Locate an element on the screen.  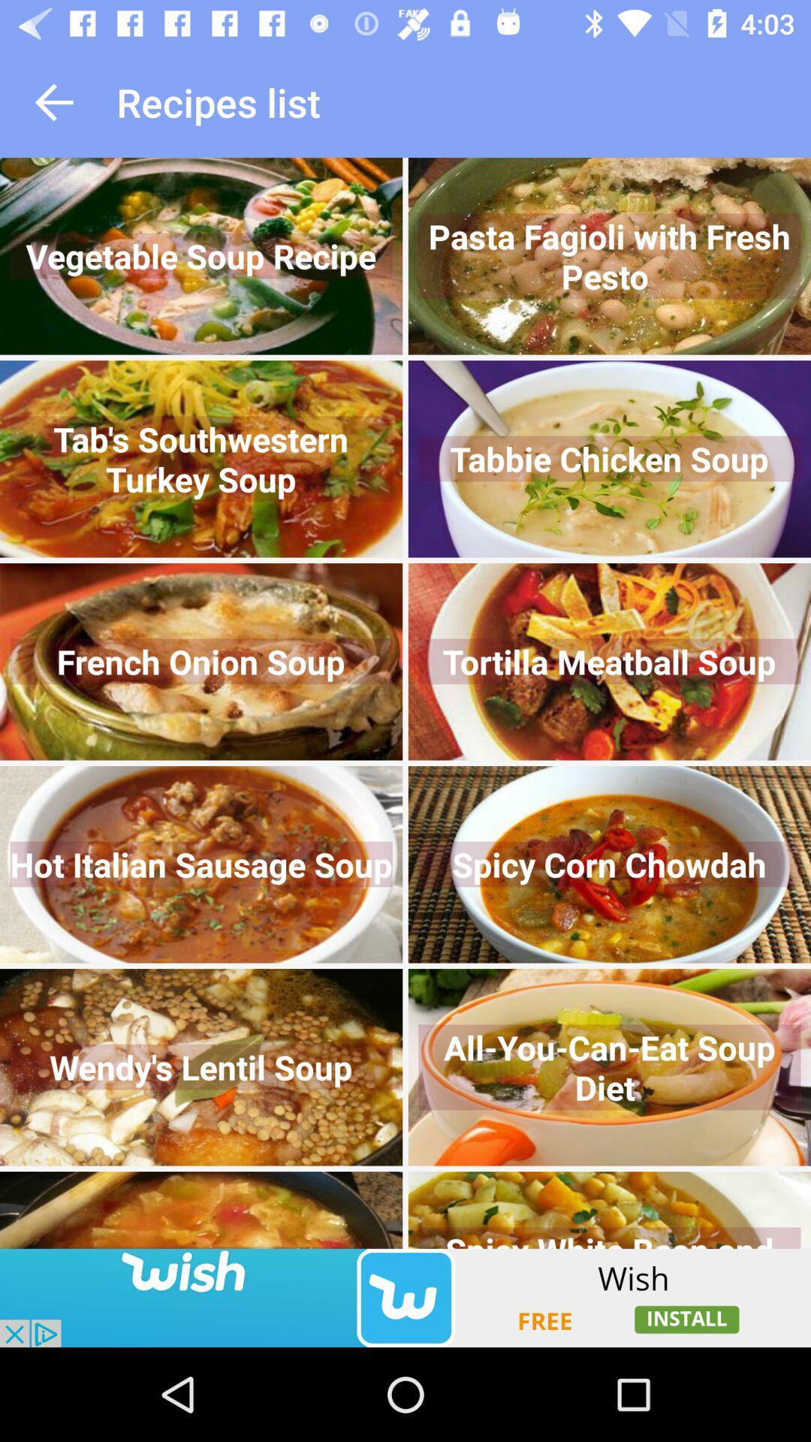
click discriiption is located at coordinates (405, 1297).